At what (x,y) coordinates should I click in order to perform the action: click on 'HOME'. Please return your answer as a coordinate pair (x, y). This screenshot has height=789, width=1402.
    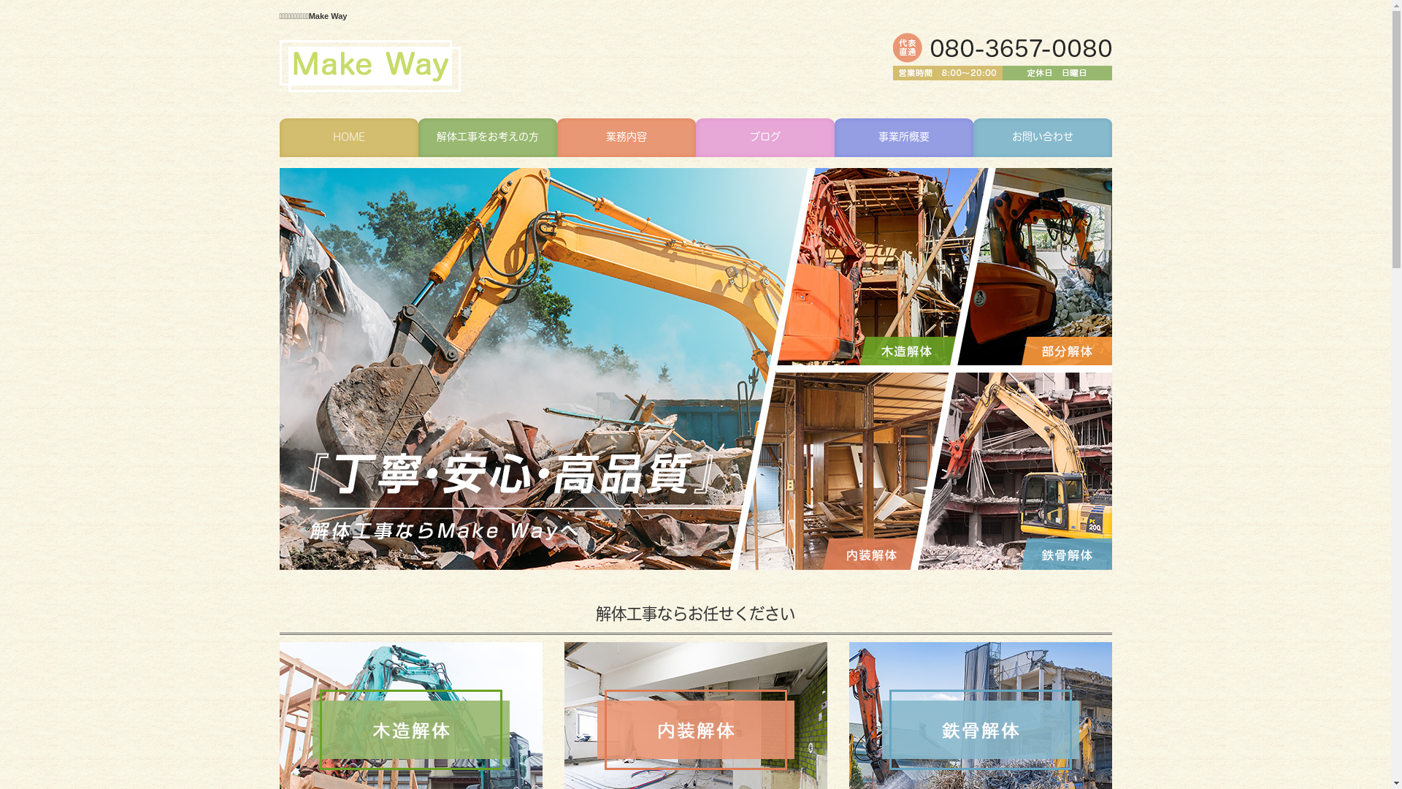
    Looking at the image, I should click on (279, 137).